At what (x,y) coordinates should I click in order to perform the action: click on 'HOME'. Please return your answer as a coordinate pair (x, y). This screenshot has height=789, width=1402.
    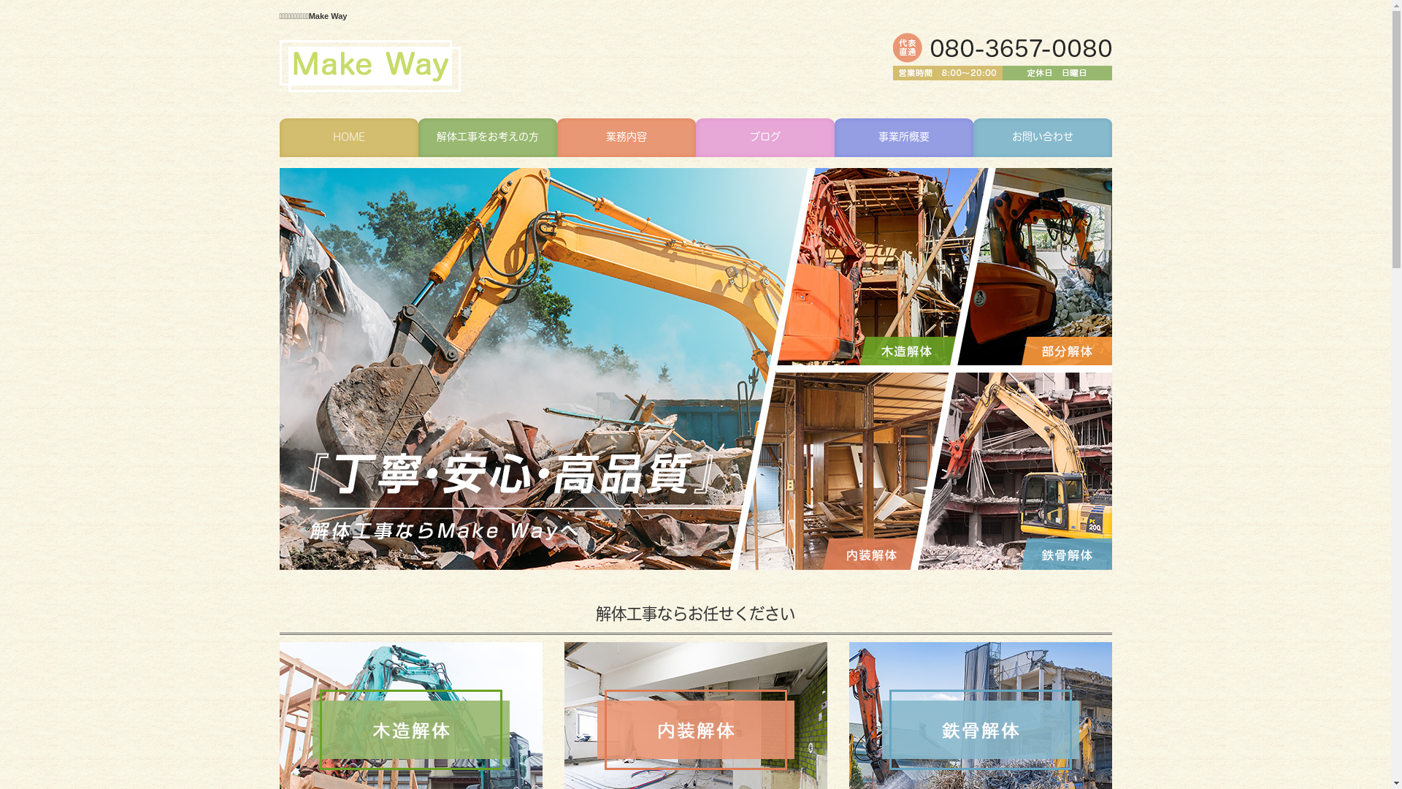
    Looking at the image, I should click on (279, 137).